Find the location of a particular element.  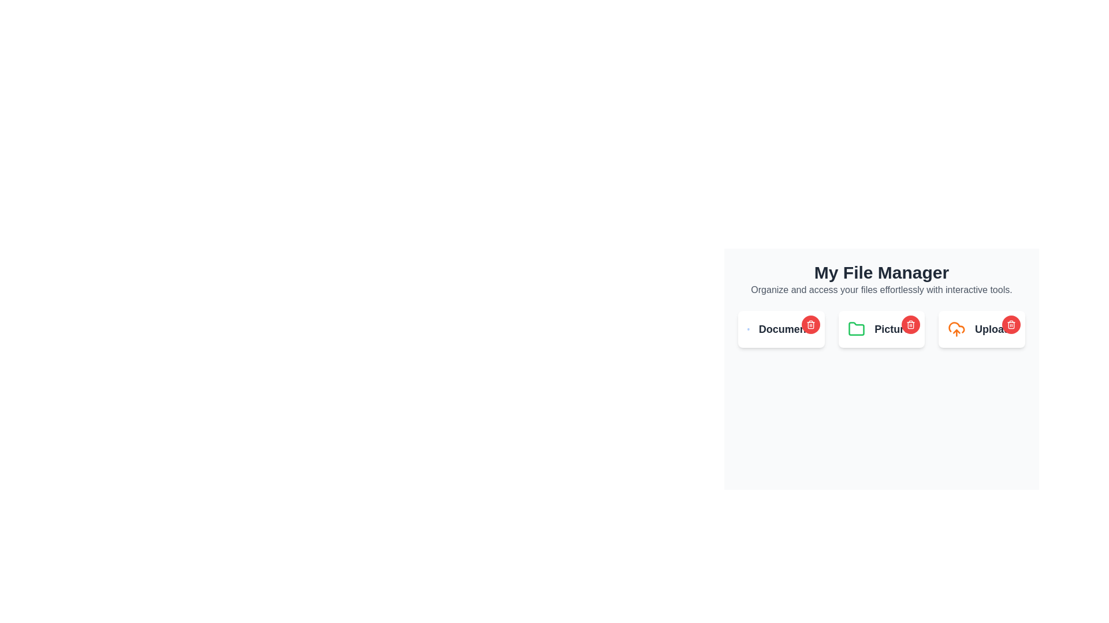

the static text label displaying the word 'Pictures', which is bold, medium-sized, and dark gray, located to the right of a green folder icon is located at coordinates (894, 329).